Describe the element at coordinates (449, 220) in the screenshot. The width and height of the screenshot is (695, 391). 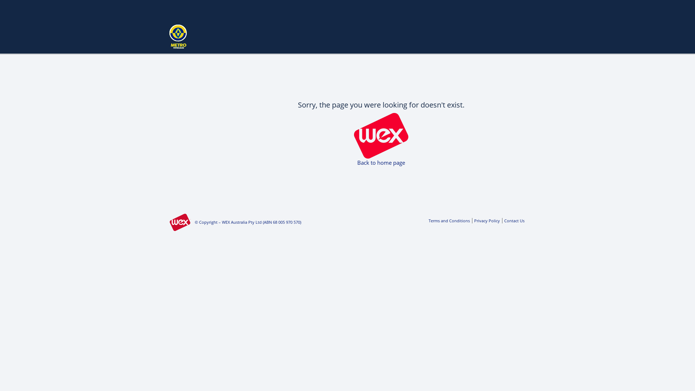
I see `'Terms and Conditions'` at that location.